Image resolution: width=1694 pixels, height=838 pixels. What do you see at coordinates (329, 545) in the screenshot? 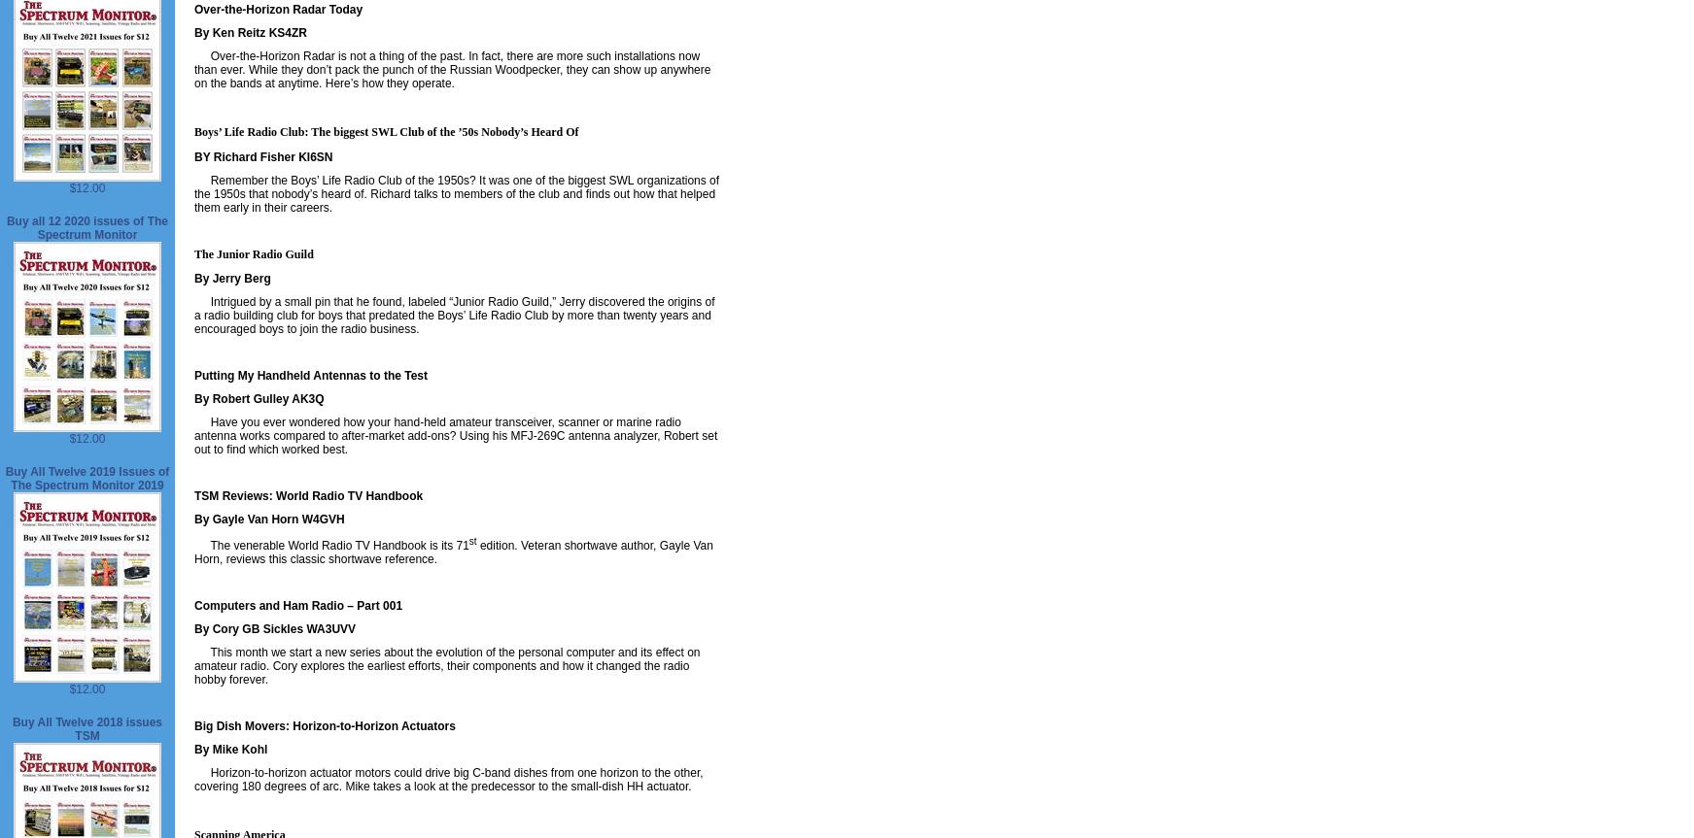
I see `'The venerable World Radio TV Handbook is
its 71'` at bounding box center [329, 545].